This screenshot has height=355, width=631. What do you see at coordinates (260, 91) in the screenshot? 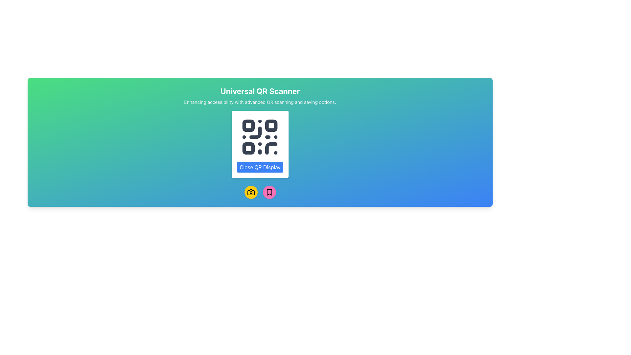
I see `the text component displaying 'Universal QR Scanner' in a bold, white font, centrally positioned against a gradient background` at bounding box center [260, 91].